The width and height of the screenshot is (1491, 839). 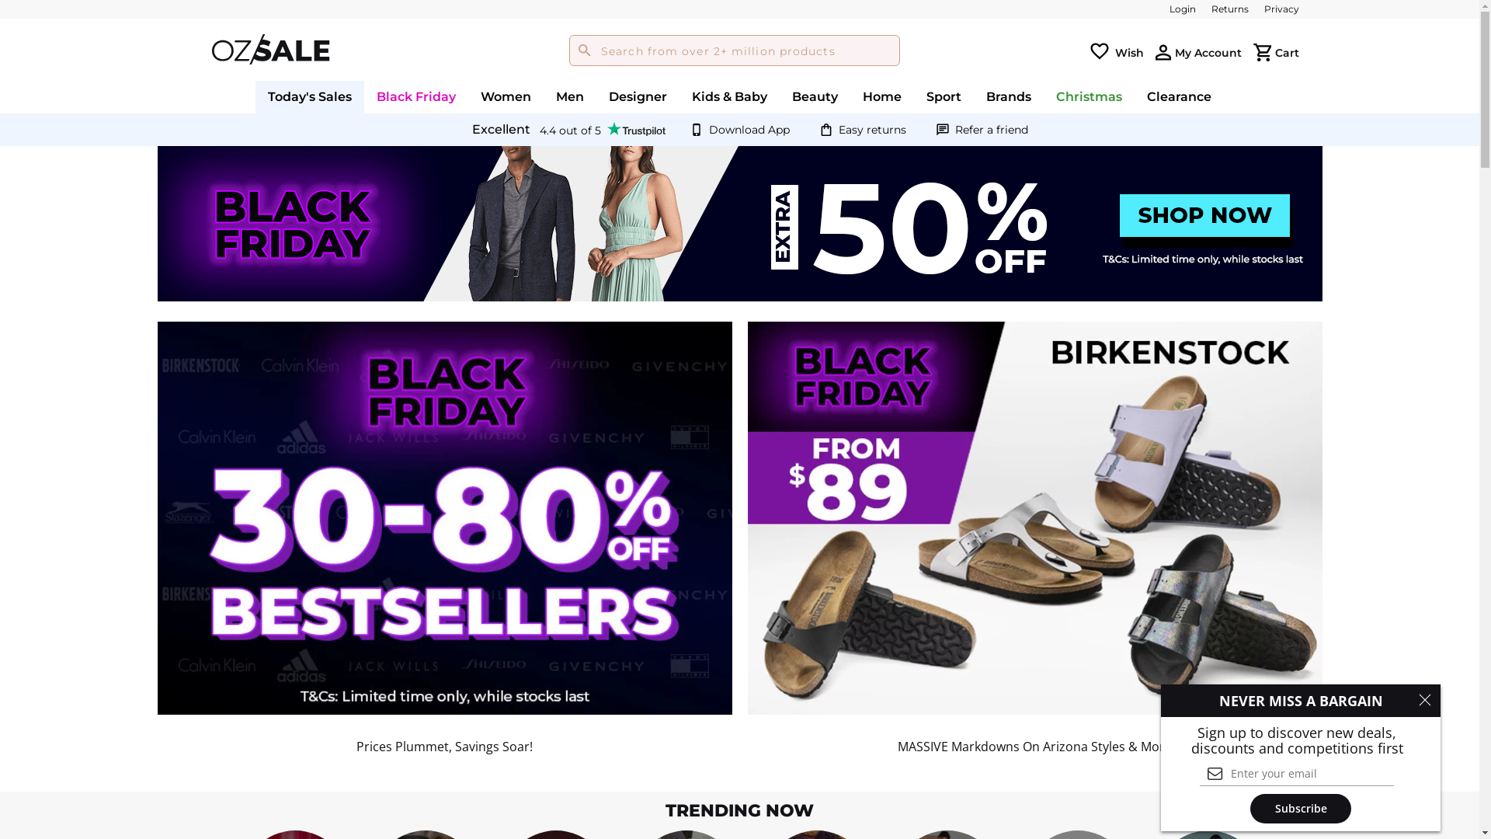 I want to click on 'Designer', so click(x=638, y=96).